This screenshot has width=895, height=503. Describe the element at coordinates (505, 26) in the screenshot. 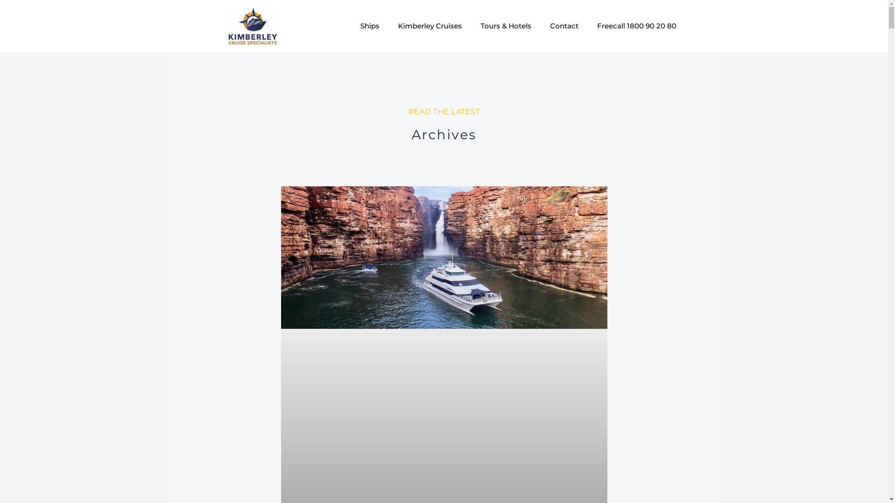

I see `'Tours & Hotels'` at that location.